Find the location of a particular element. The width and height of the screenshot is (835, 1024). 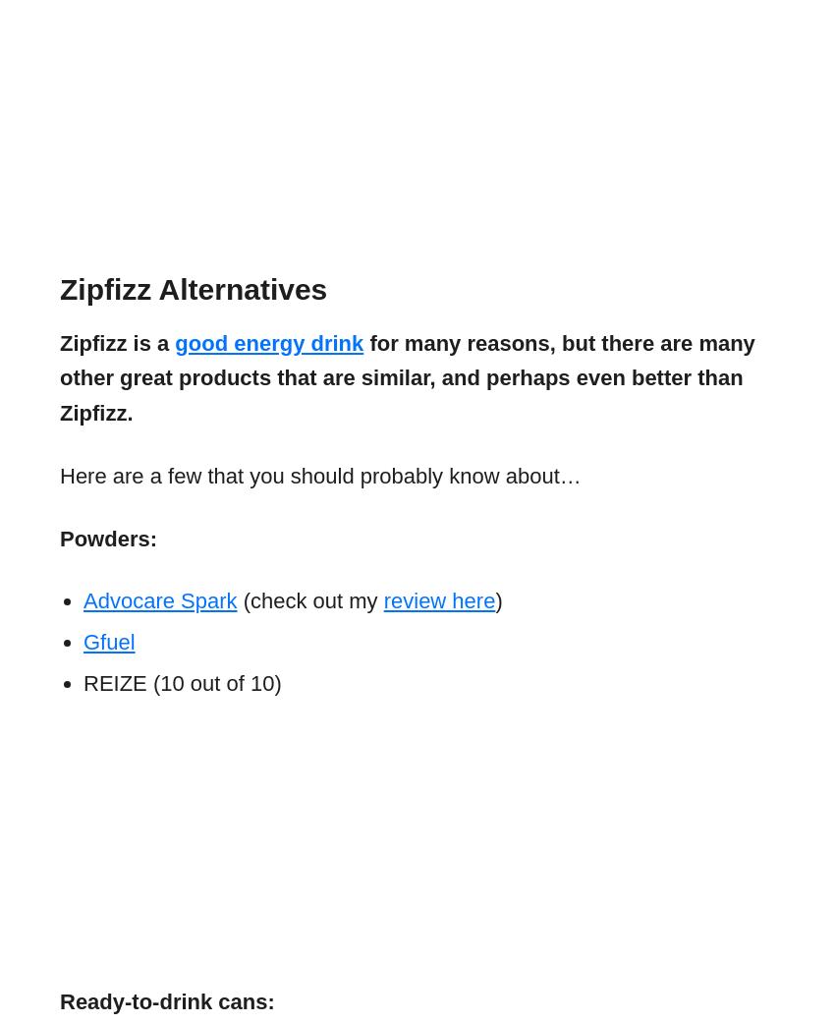

'for many reasons, but there are many other great products that are similar, and perhaps even better than Zipfizz.' is located at coordinates (407, 376).